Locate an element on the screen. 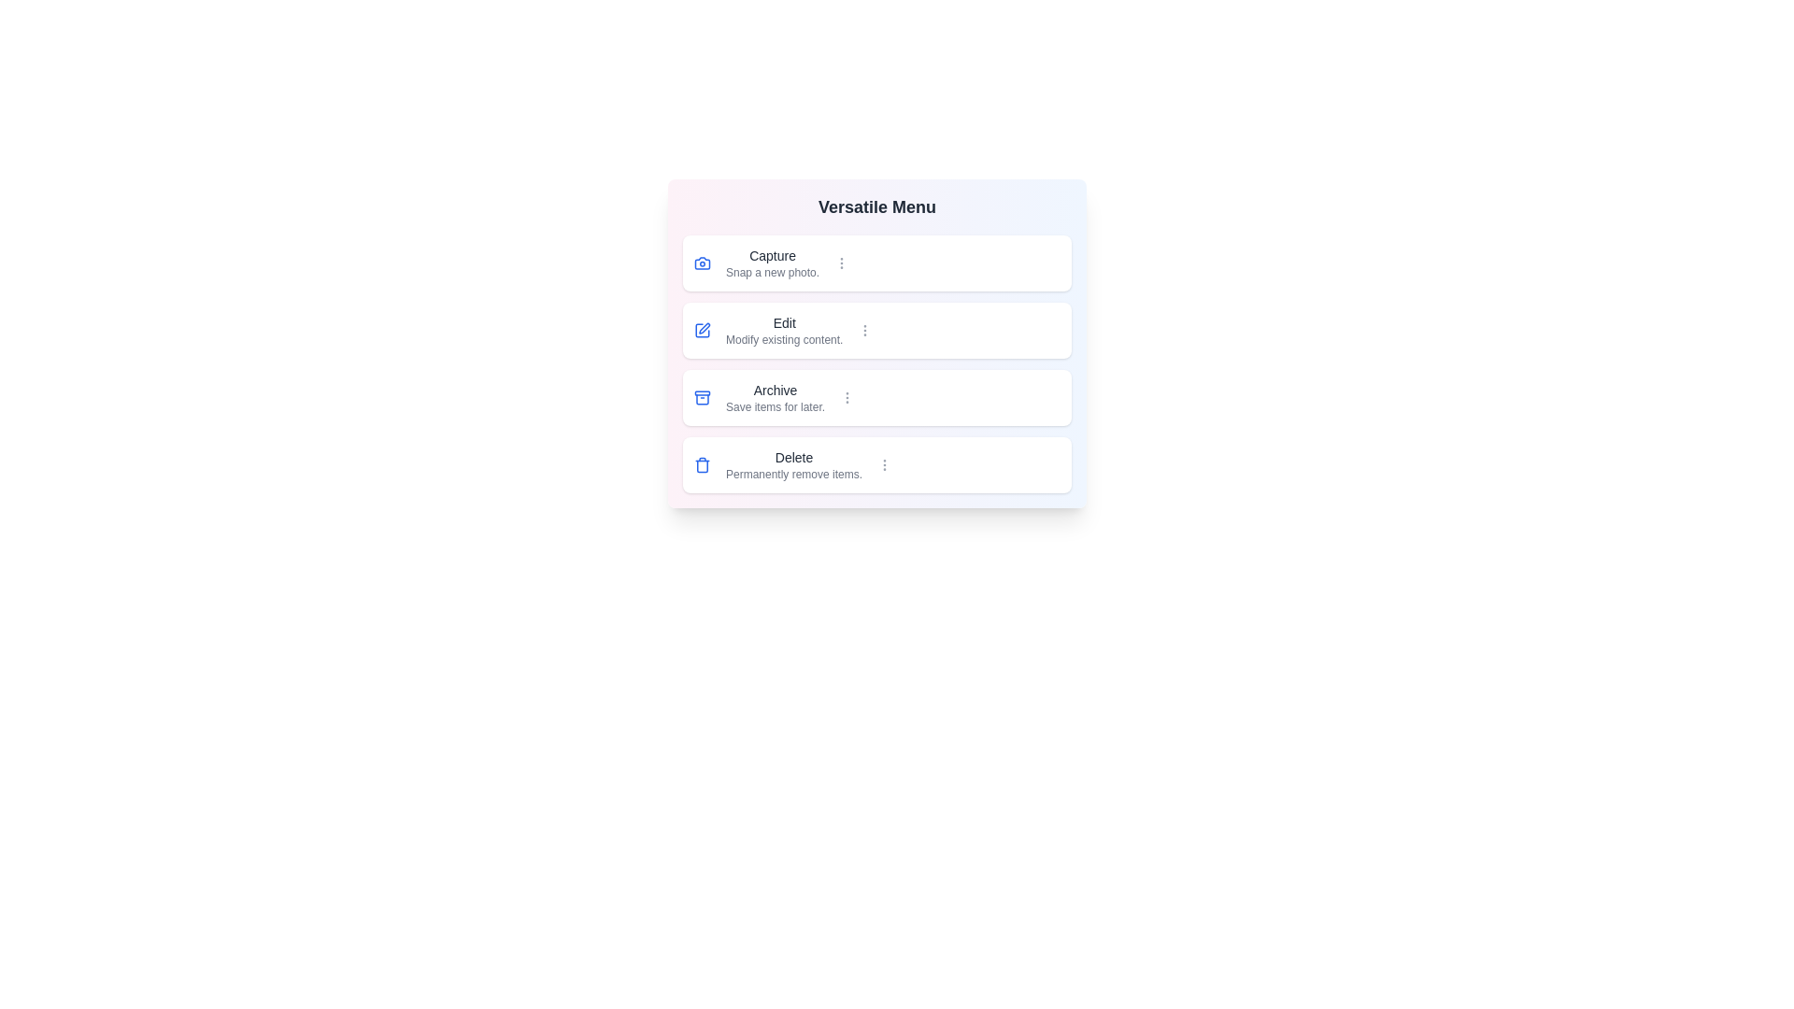 The height and width of the screenshot is (1009, 1794). the menu item corresponding to Archive is located at coordinates (876, 396).